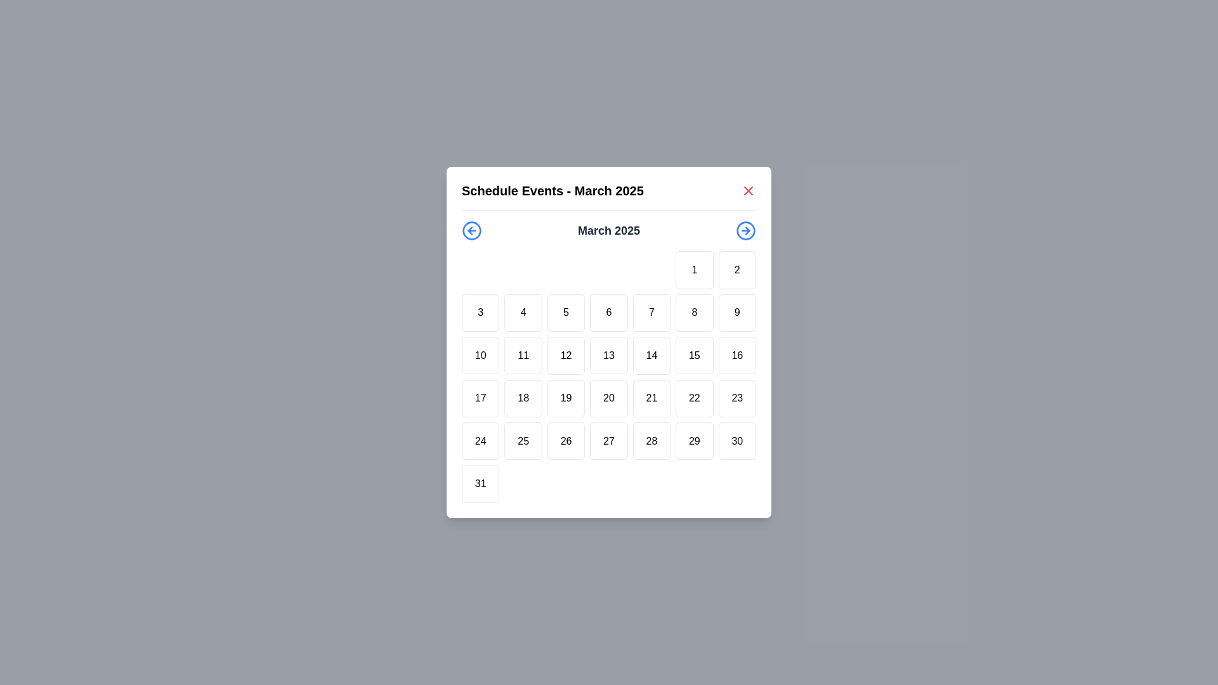  Describe the element at coordinates (693, 313) in the screenshot. I see `the calendar day button representing the 8th day of the month in the 'Schedule Events - March 2025' dialog` at that location.